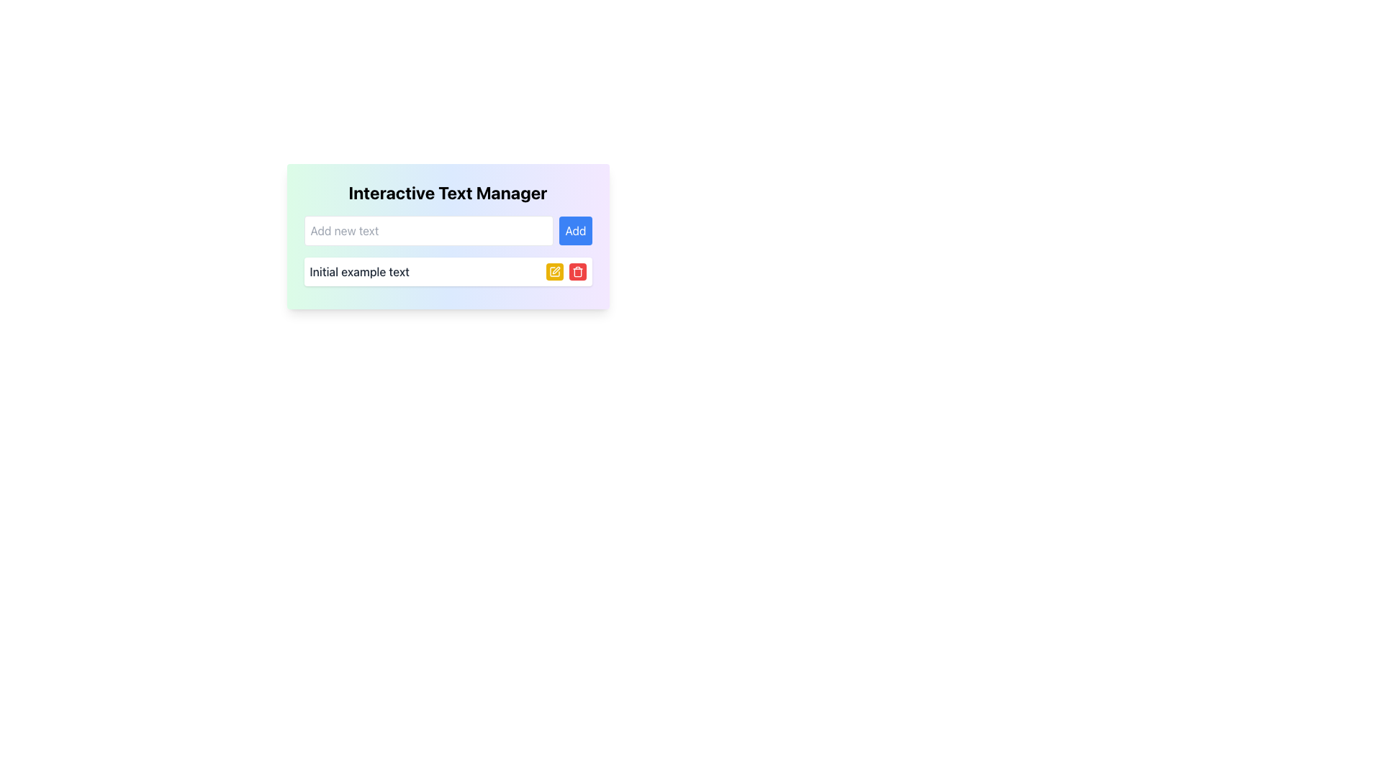 The width and height of the screenshot is (1382, 777). Describe the element at coordinates (577, 272) in the screenshot. I see `the delete button, which is the second button on the right side of the row below the 'Initial example text' input field, to apply hover effects` at that location.